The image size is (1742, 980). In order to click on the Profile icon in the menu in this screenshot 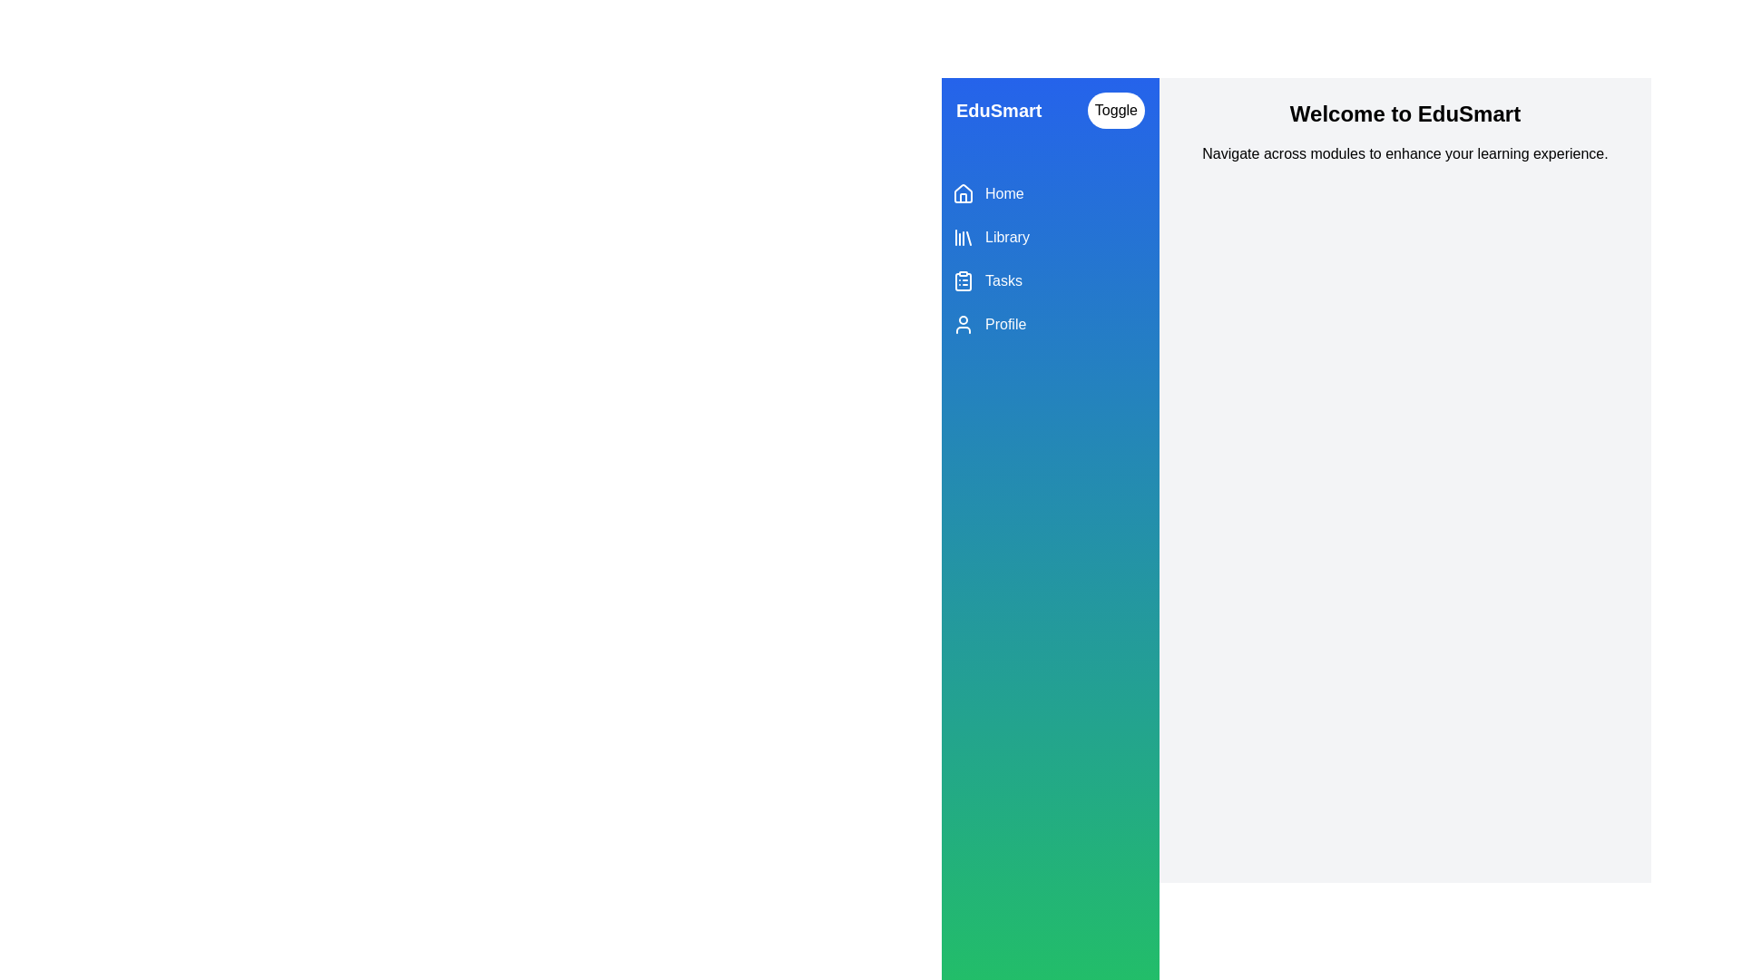, I will do `click(962, 324)`.